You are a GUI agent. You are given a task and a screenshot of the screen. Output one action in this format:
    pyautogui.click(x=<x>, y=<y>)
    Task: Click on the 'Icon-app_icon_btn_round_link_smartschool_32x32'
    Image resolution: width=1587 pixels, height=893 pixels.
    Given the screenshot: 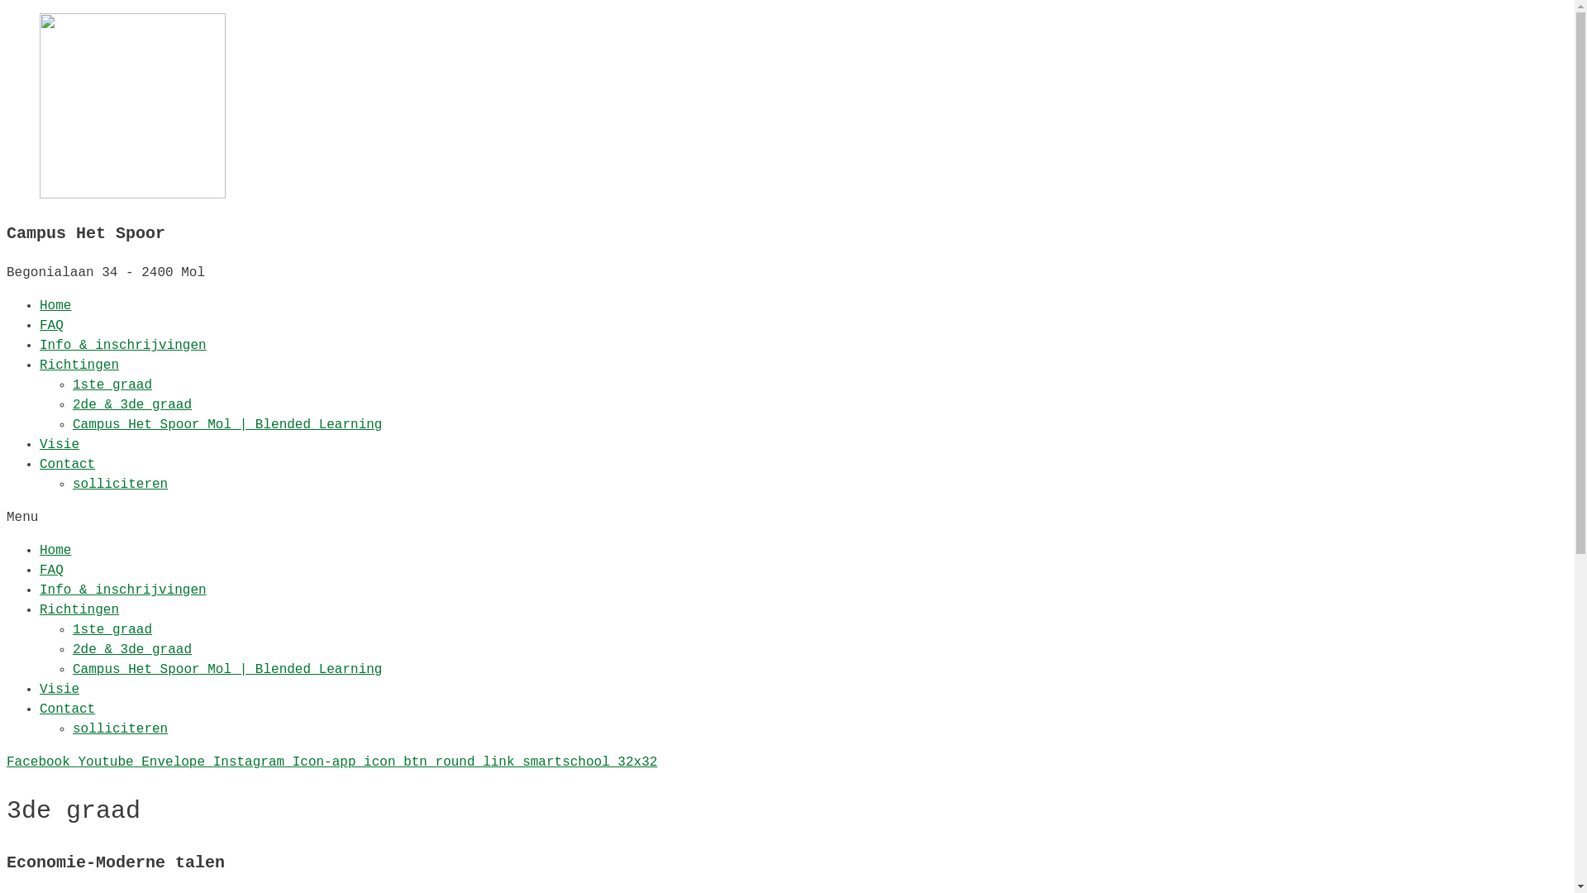 What is the action you would take?
    pyautogui.click(x=474, y=762)
    